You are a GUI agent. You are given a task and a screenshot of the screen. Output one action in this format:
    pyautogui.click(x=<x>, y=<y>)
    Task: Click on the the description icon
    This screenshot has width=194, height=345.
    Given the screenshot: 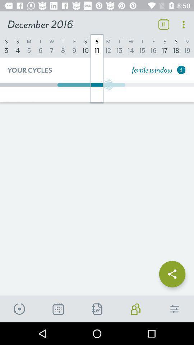 What is the action you would take?
    pyautogui.click(x=58, y=309)
    